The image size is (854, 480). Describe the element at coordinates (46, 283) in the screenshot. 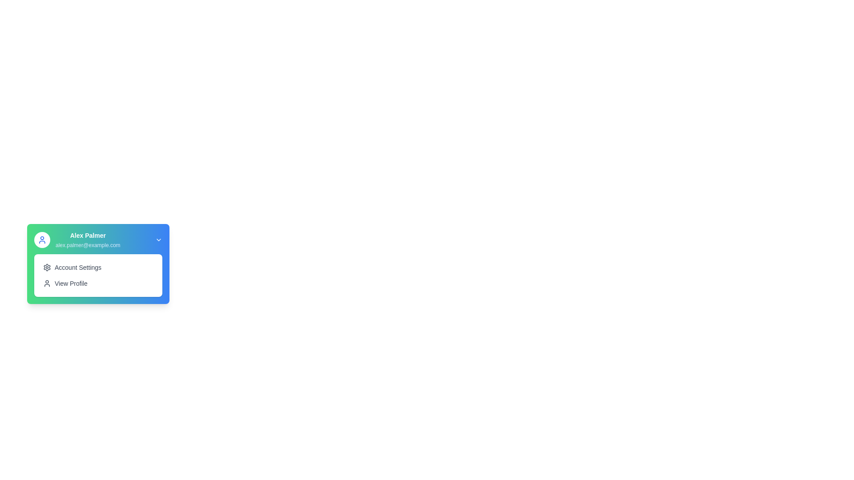

I see `the SVG user icon located within the 'View Profile' list item, which features a circular head and shoulders shape, styled in shades of gray` at that location.